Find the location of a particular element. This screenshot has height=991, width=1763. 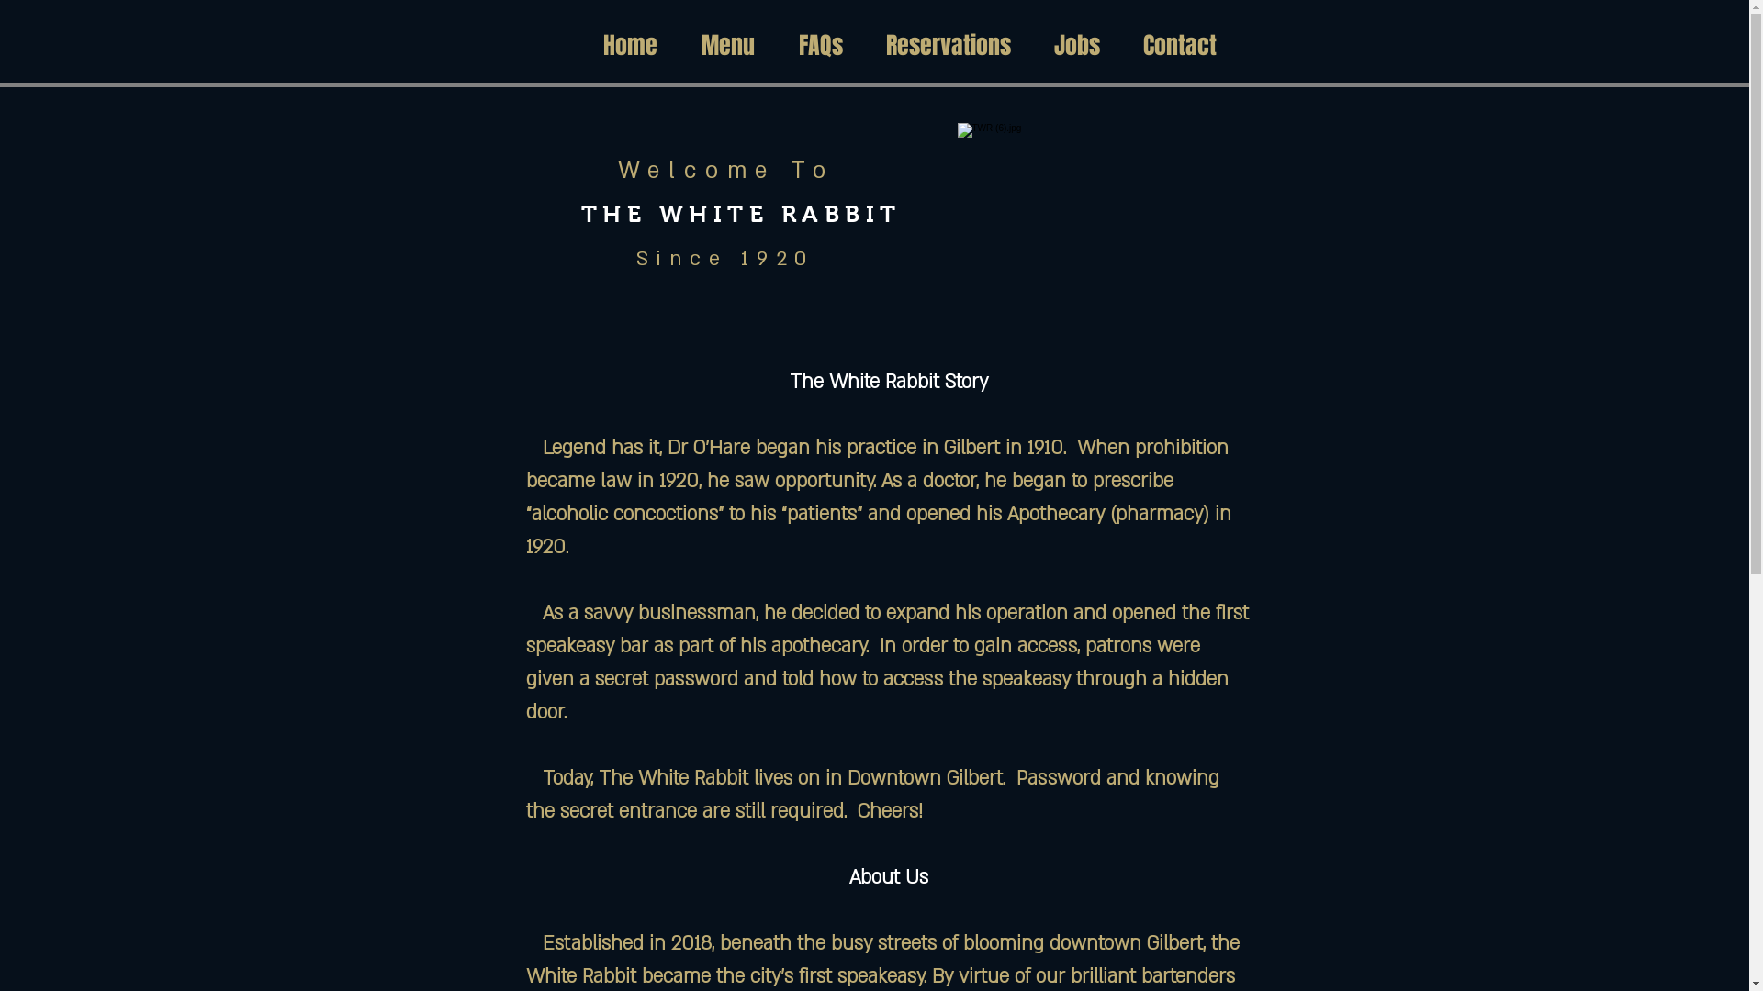

'Since 1920' is located at coordinates (634, 258).